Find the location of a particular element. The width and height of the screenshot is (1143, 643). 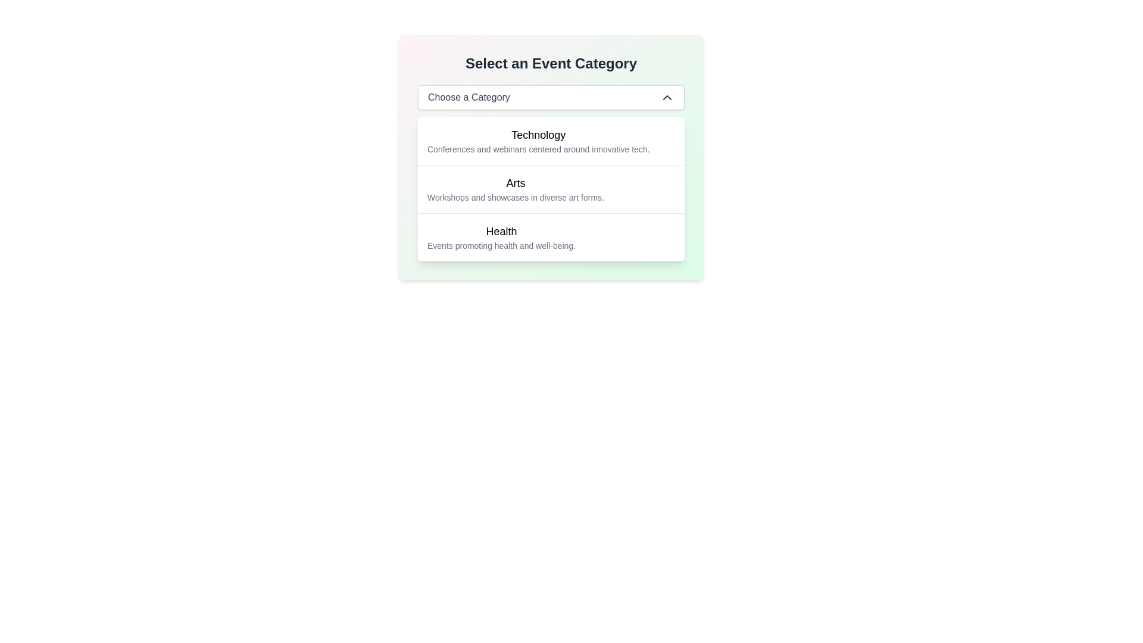

to select the 'Arts' category option from the dropdown menu, which is styled with a clean, modern look and features a subtitle about workshops and showcases in diverse art forms is located at coordinates (551, 188).